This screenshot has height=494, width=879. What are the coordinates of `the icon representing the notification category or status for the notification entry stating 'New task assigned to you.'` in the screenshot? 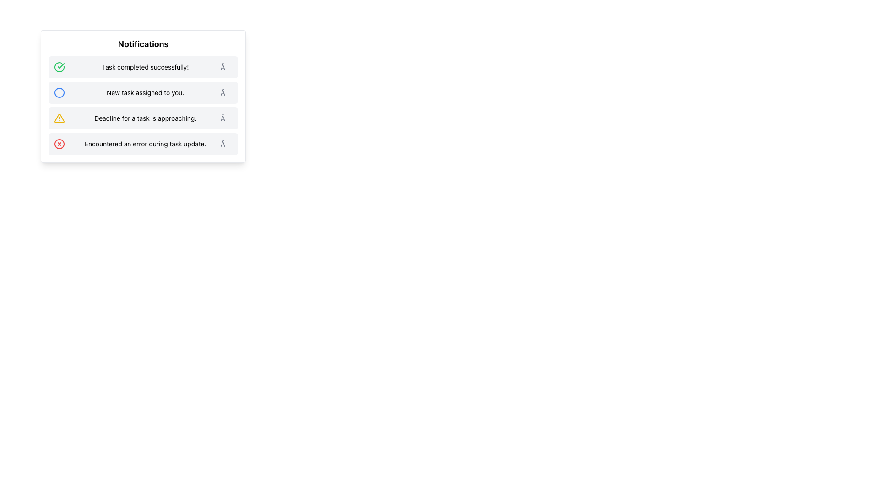 It's located at (59, 93).